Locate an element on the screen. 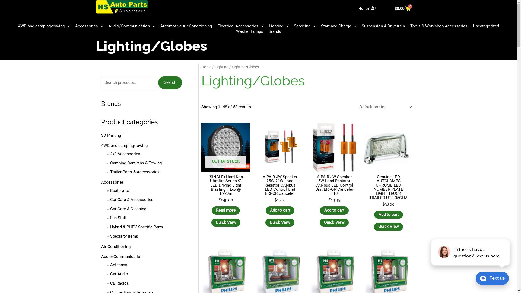 This screenshot has height=293, width=521. 'Search' is located at coordinates (170, 82).